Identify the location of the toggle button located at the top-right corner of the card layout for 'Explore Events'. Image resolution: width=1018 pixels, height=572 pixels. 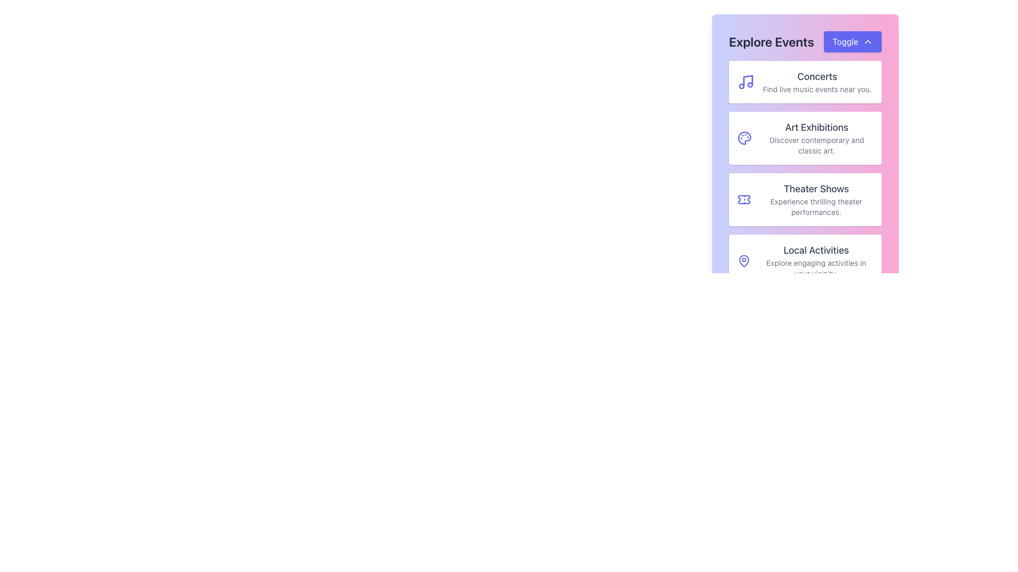
(853, 41).